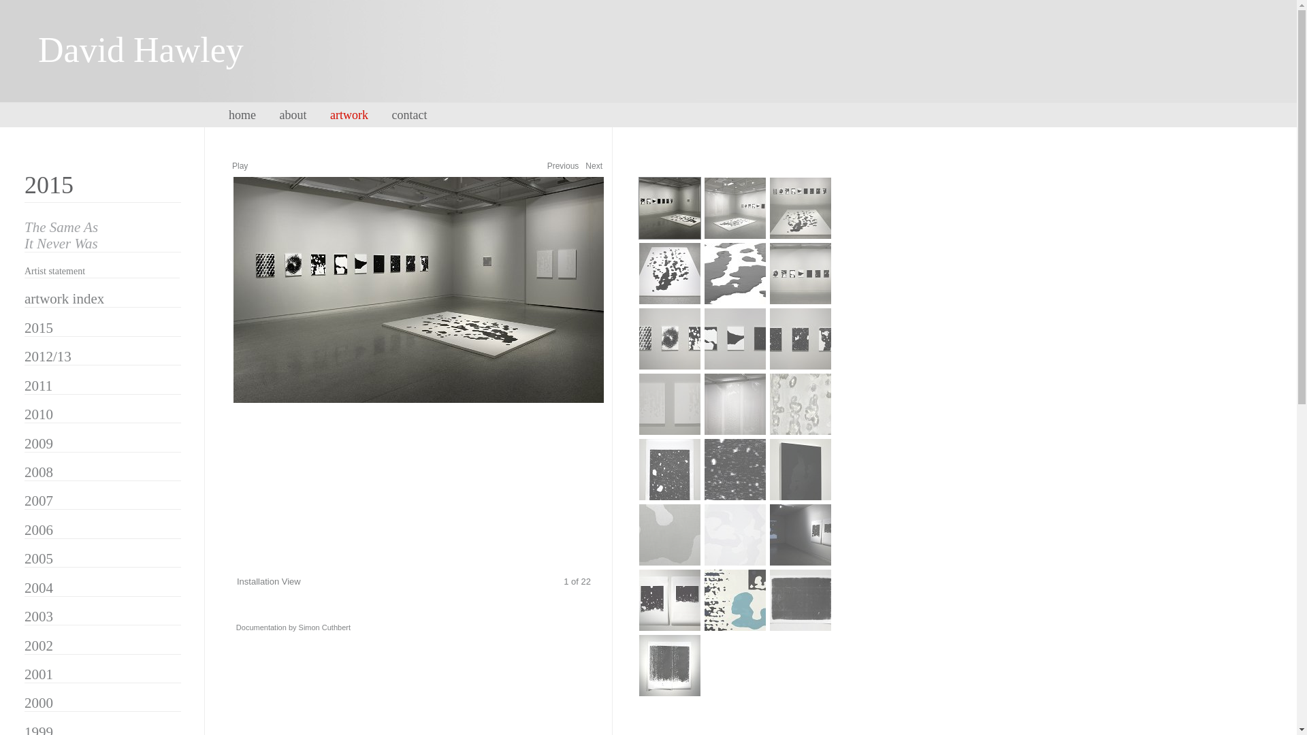 The image size is (1307, 735). I want to click on '2009', so click(24, 443).